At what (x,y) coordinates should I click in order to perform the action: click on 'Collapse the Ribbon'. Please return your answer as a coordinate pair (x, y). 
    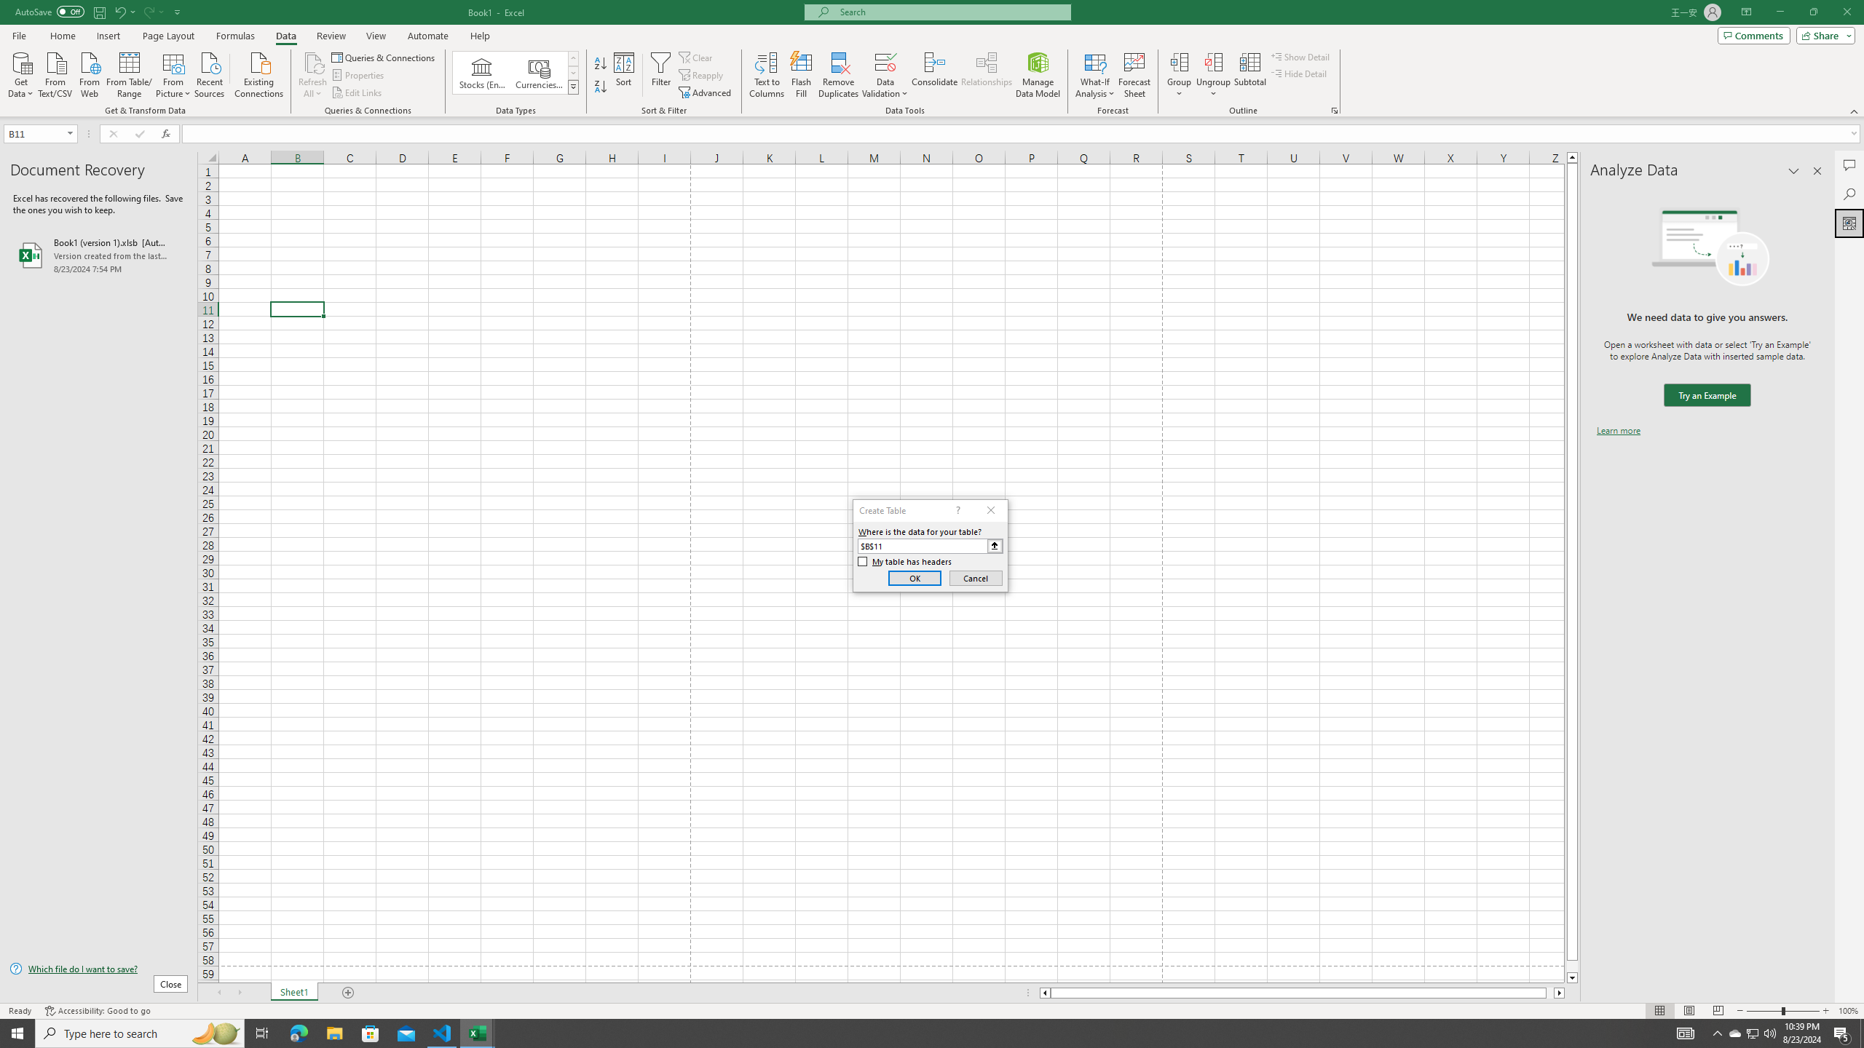
    Looking at the image, I should click on (1855, 111).